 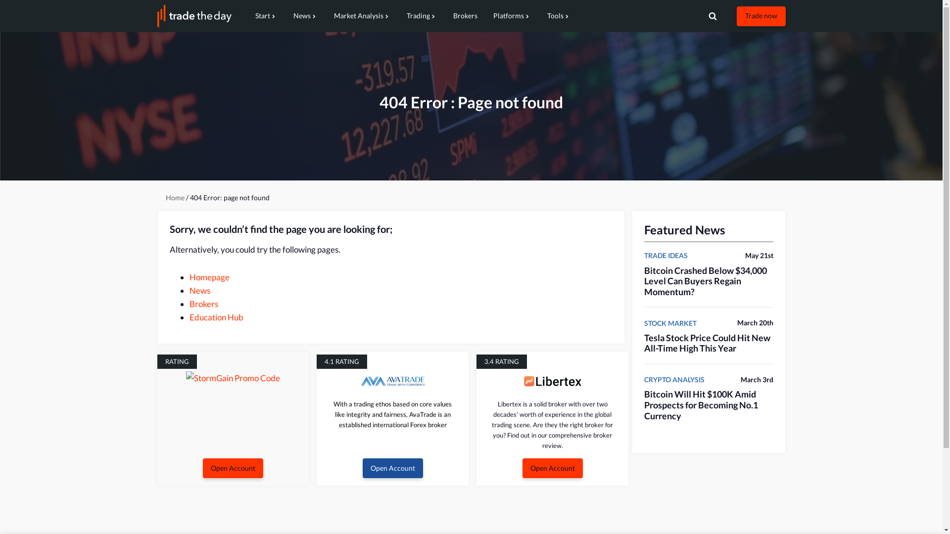 I want to click on 'Brokers', so click(x=189, y=303).